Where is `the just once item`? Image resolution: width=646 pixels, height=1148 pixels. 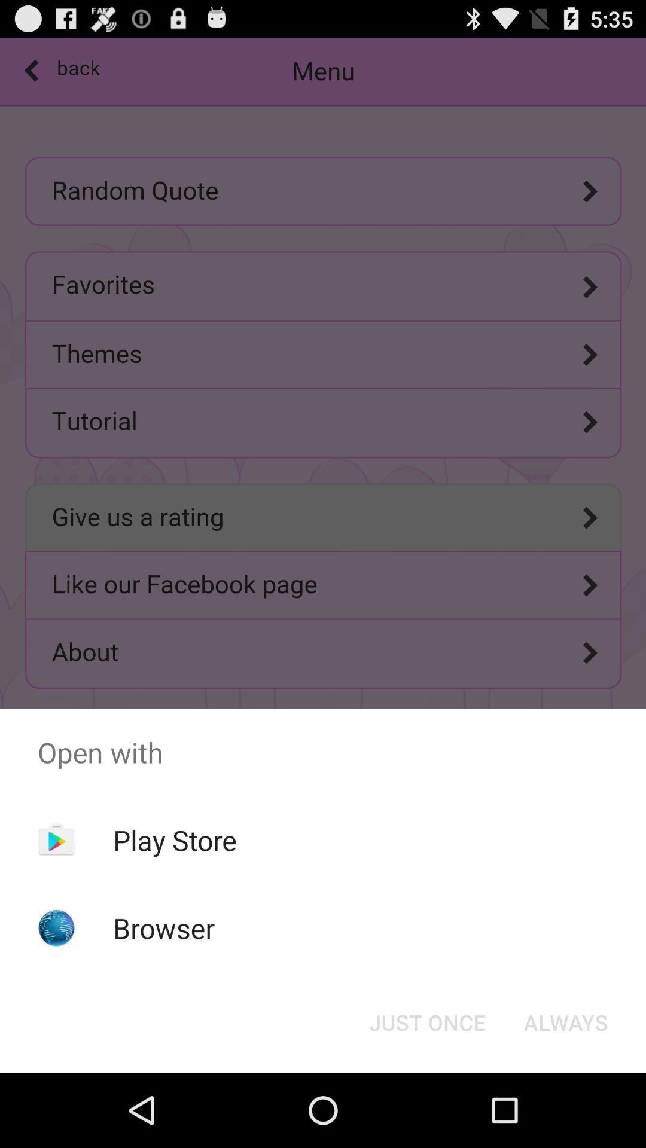
the just once item is located at coordinates (426, 1021).